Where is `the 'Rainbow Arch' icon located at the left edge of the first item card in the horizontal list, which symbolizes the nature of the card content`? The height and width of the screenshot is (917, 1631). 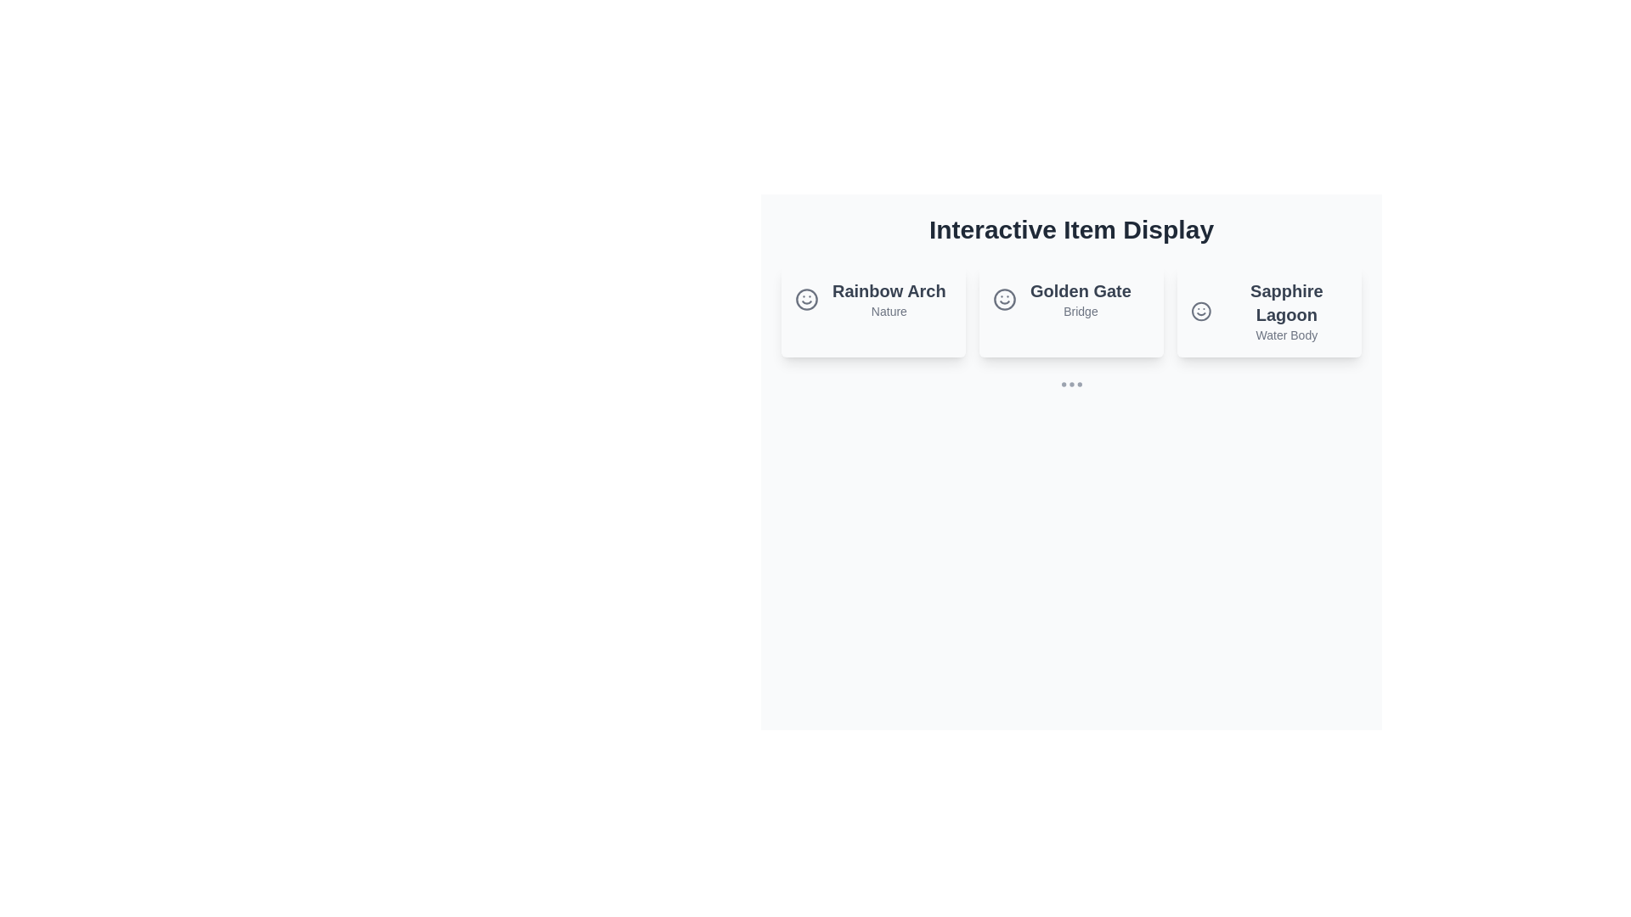
the 'Rainbow Arch' icon located at the left edge of the first item card in the horizontal list, which symbolizes the nature of the card content is located at coordinates (806, 299).